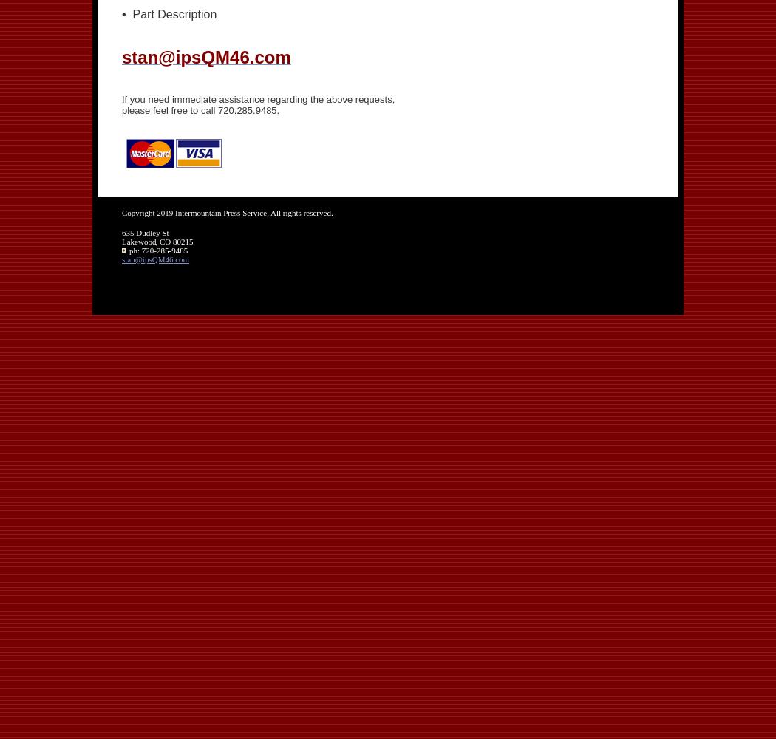 Image resolution: width=776 pixels, height=739 pixels. Describe the element at coordinates (128, 258) in the screenshot. I see `'stan'` at that location.